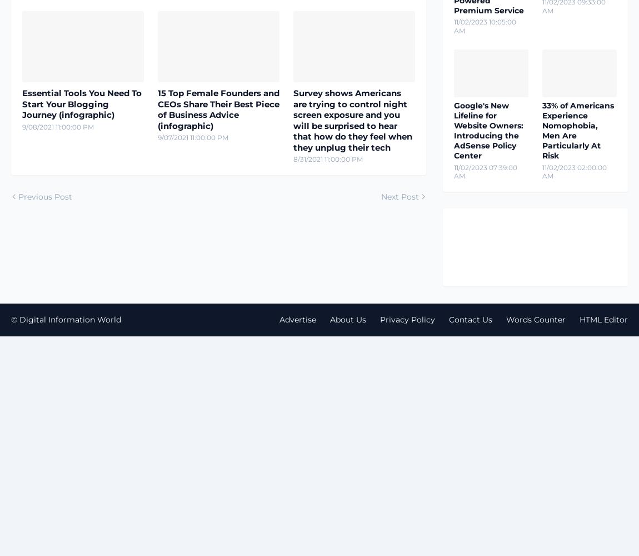 The image size is (639, 556). I want to click on 'Google's New Lifeline for Website Owners: Introducing the AdSense Policy Center', so click(488, 130).